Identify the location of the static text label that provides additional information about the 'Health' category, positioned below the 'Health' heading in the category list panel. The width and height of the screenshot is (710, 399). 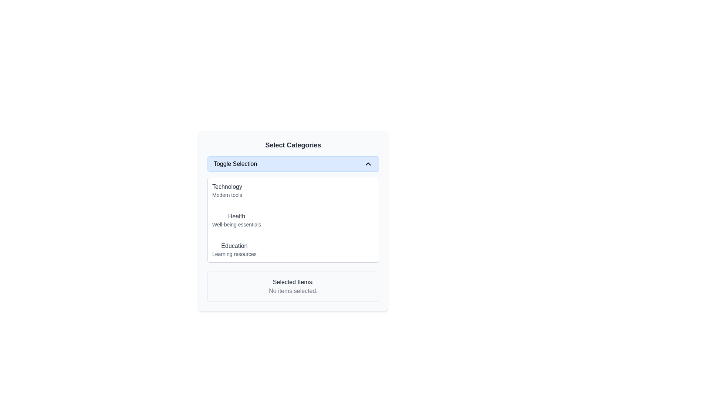
(236, 224).